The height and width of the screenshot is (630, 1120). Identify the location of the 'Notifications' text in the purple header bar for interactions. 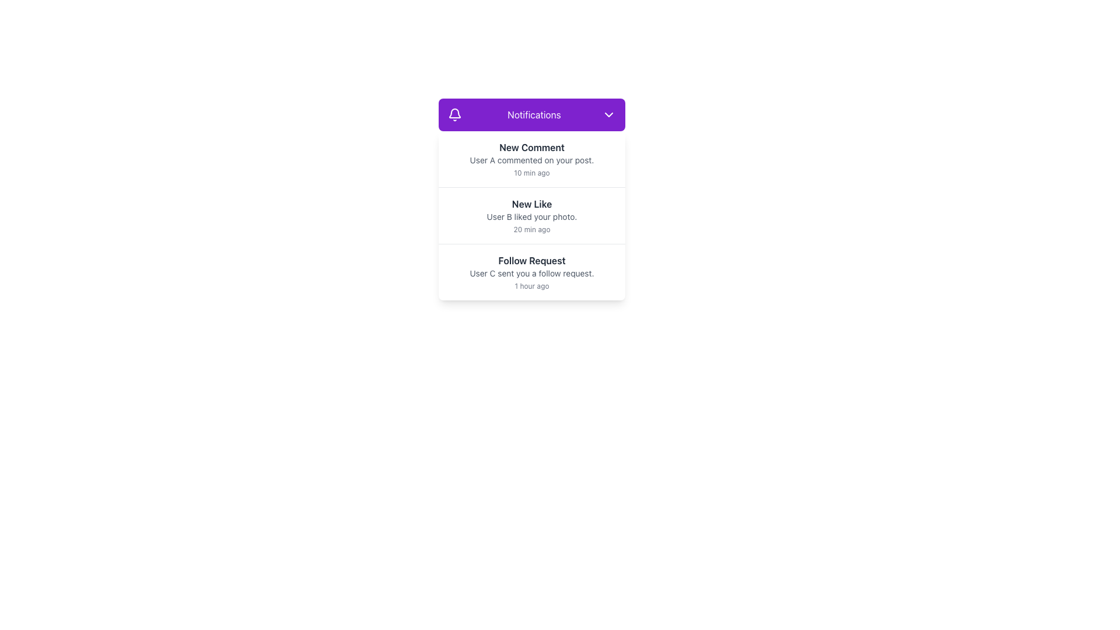
(531, 114).